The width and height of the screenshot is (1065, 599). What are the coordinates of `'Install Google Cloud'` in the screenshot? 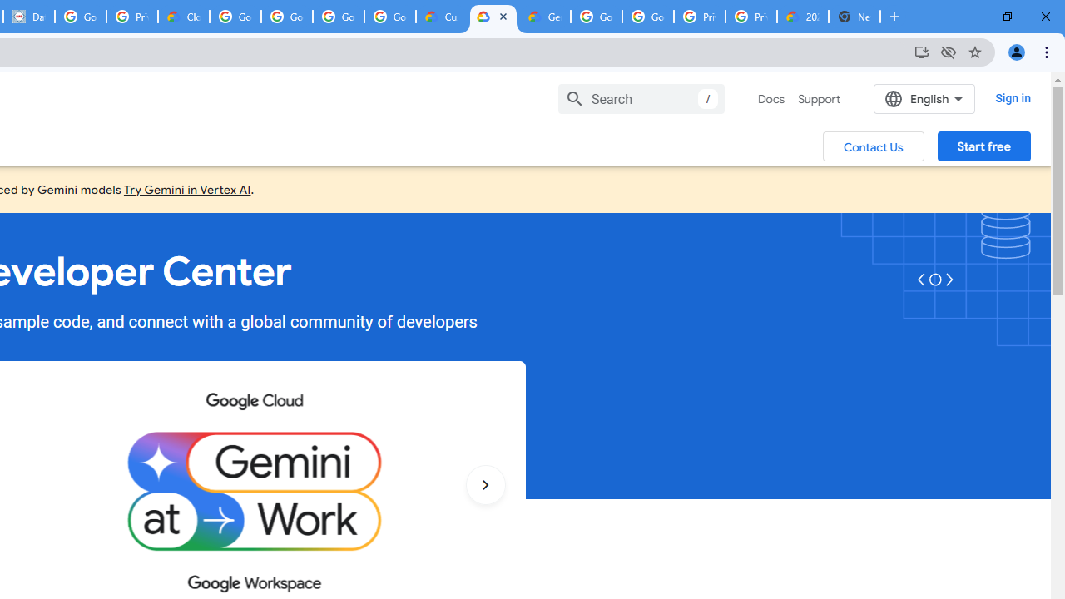 It's located at (920, 51).